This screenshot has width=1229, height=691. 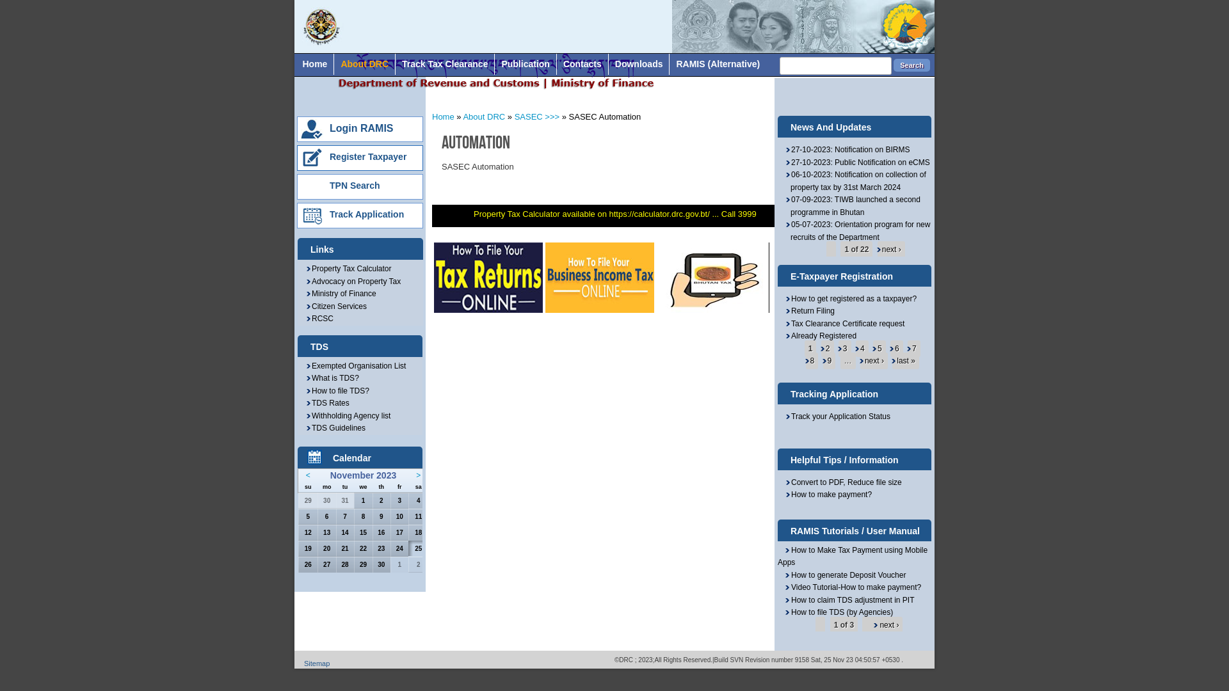 What do you see at coordinates (852, 556) in the screenshot?
I see `'How to Make Tax Payment using Mobile Apps'` at bounding box center [852, 556].